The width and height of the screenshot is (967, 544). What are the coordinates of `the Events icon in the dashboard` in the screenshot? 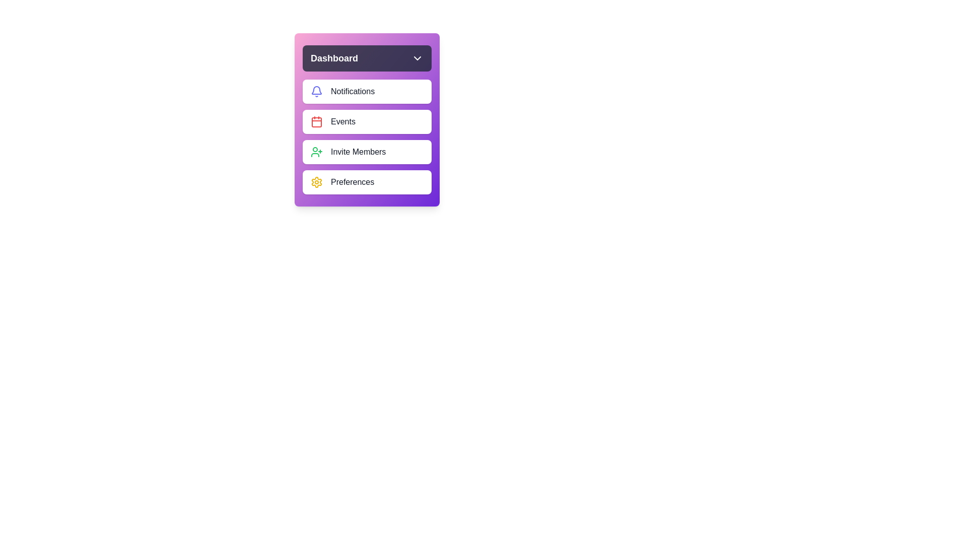 It's located at (316, 121).